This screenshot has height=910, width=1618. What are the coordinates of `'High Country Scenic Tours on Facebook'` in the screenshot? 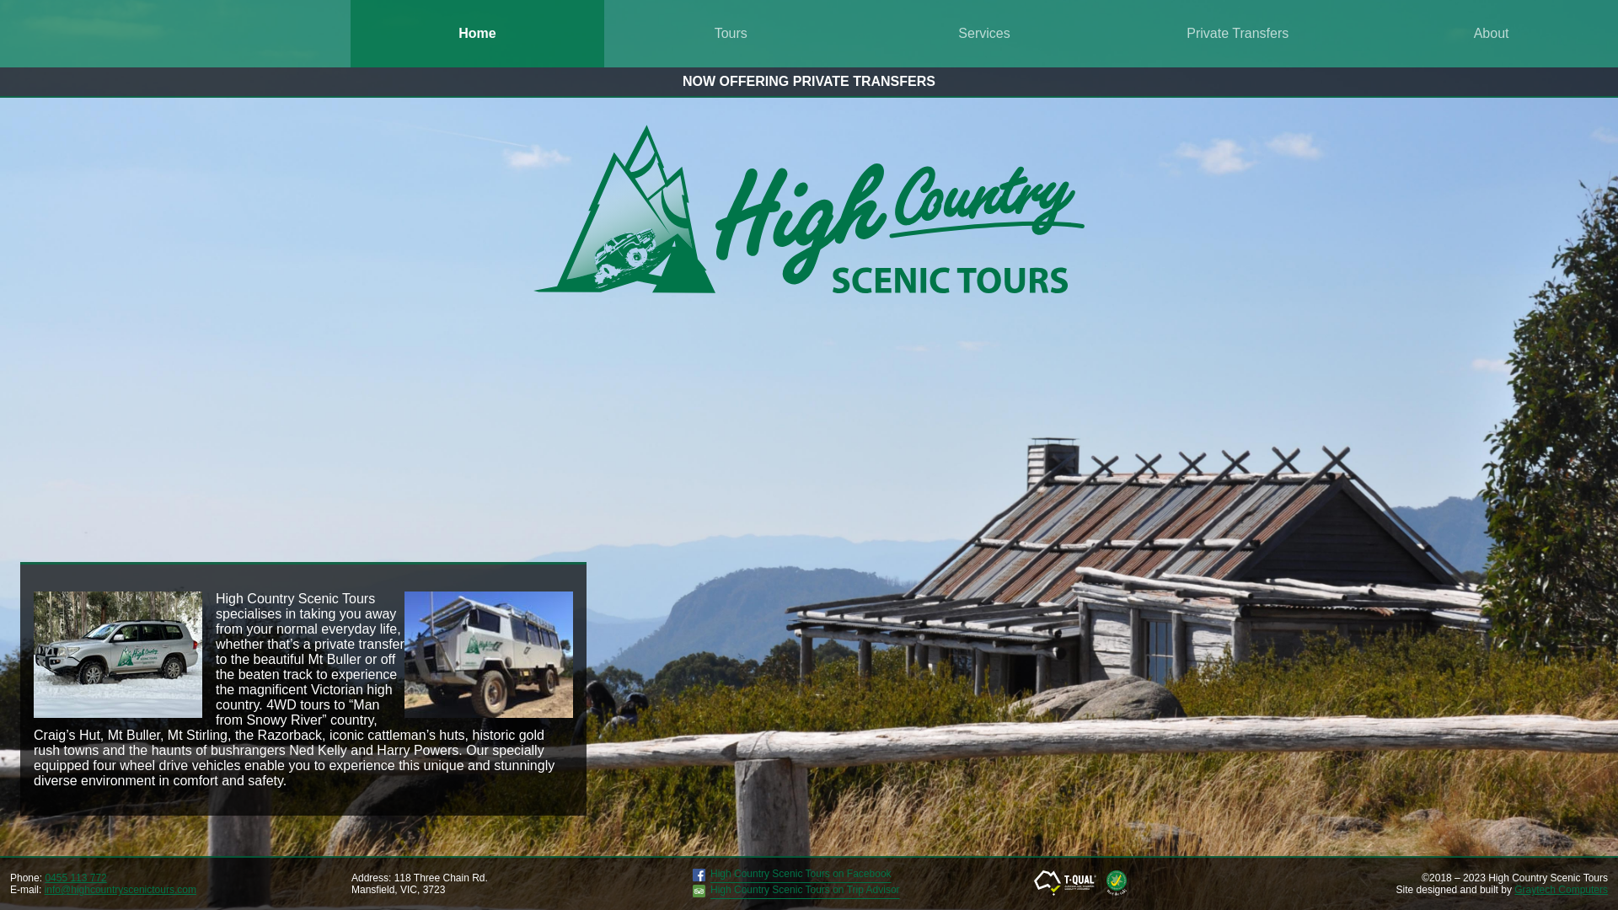 It's located at (791, 876).